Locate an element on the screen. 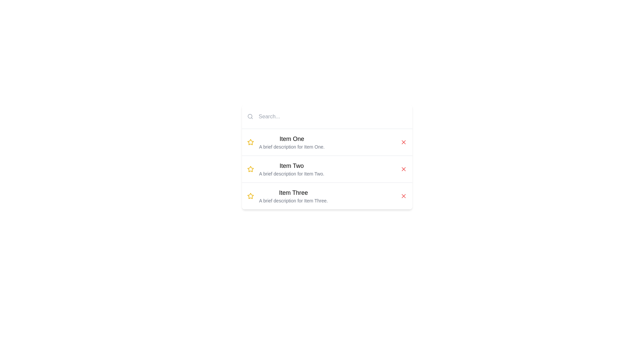 The width and height of the screenshot is (639, 359). information provided by the text snippet 'A brief description for Item Two.' which is styled in a small gray font and located below the title 'Item Two' is located at coordinates (292, 174).